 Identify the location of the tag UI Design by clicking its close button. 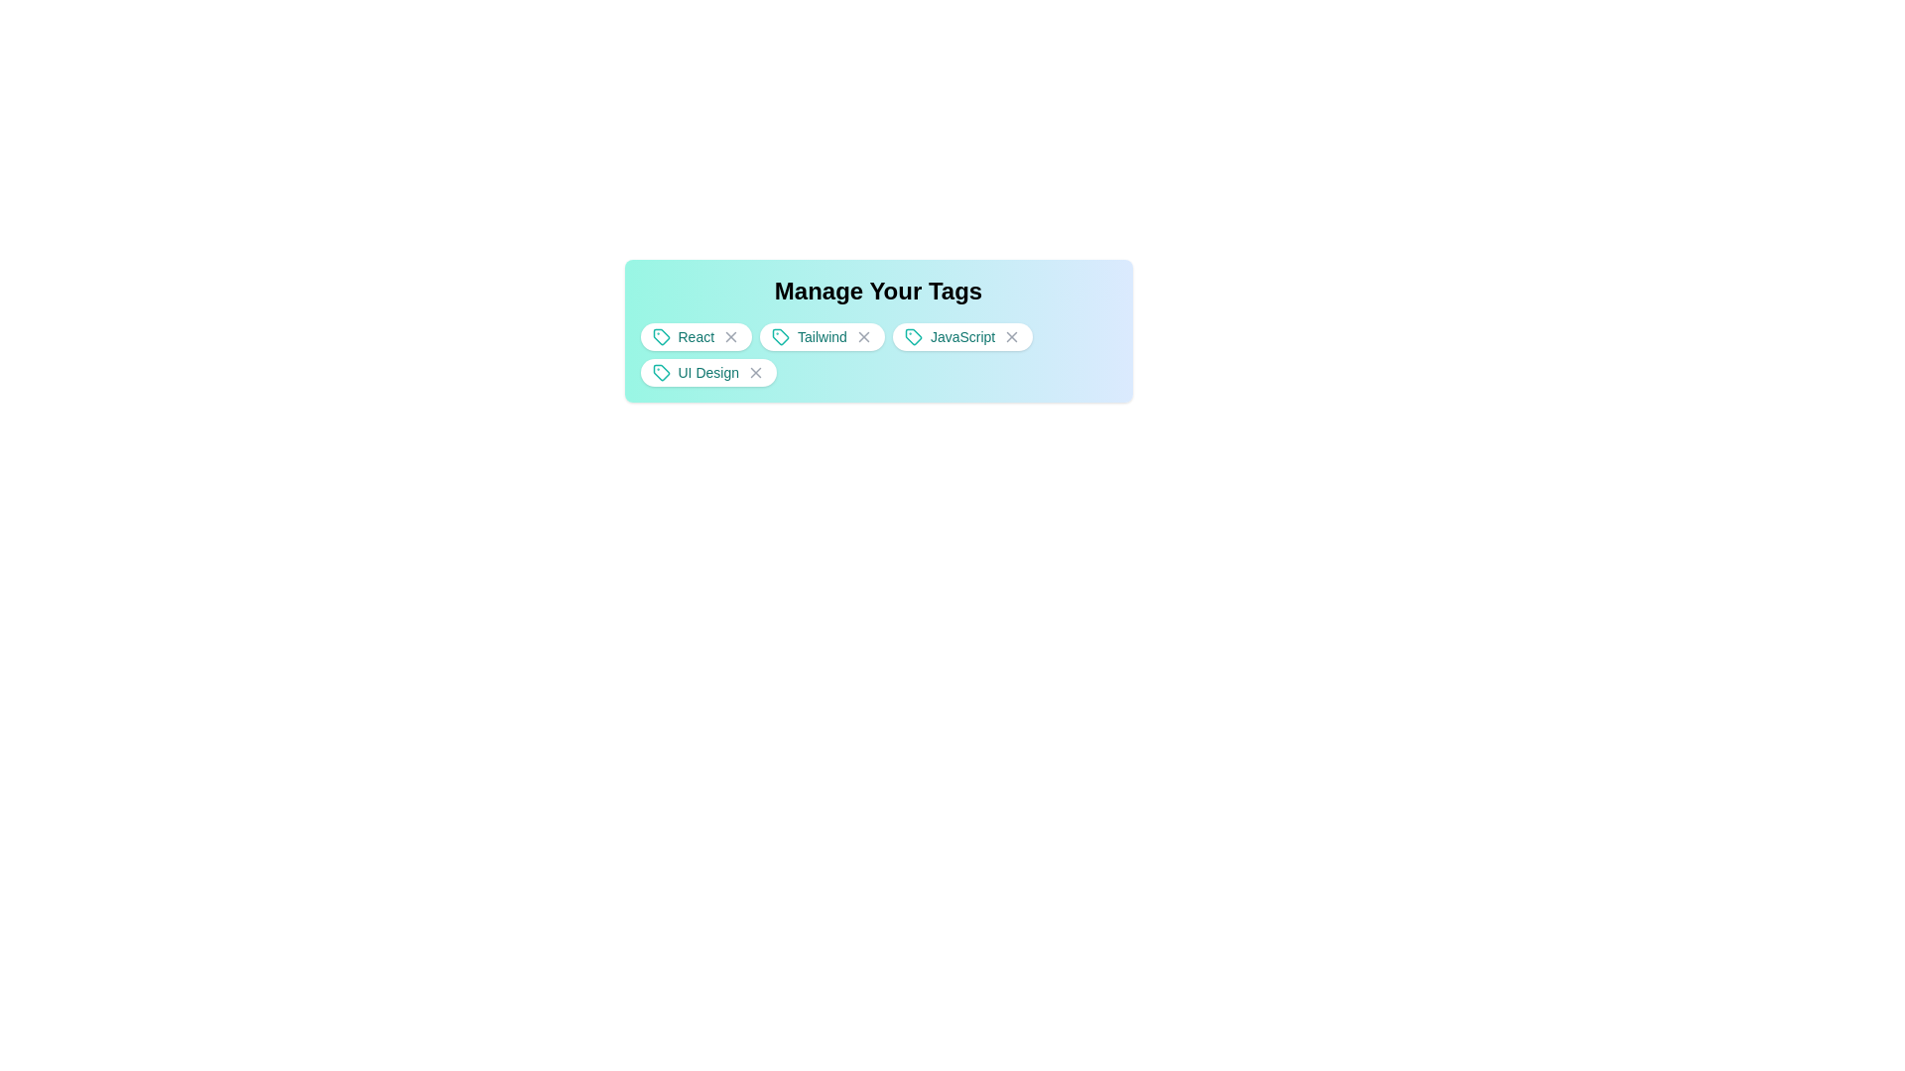
(755, 372).